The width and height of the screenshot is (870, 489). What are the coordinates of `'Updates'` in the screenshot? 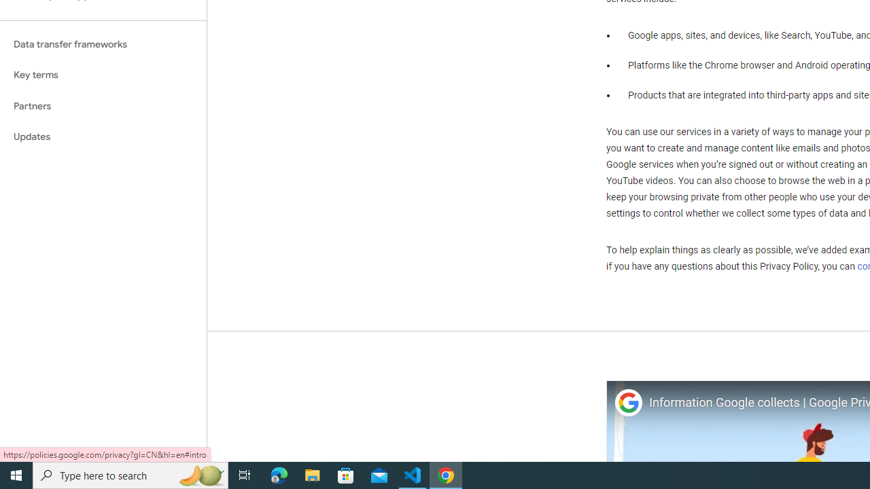 It's located at (103, 137).